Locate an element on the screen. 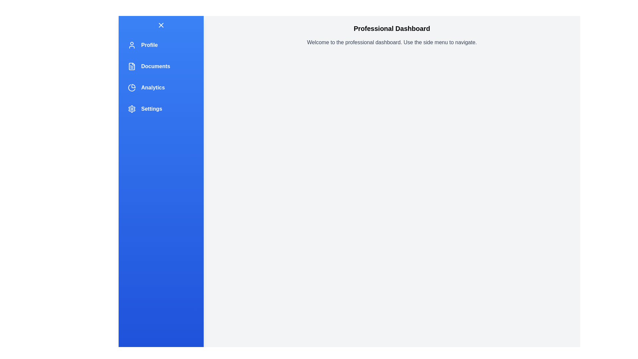 Image resolution: width=638 pixels, height=359 pixels. the menu item Documents to reveal additional visuals is located at coordinates (161, 66).